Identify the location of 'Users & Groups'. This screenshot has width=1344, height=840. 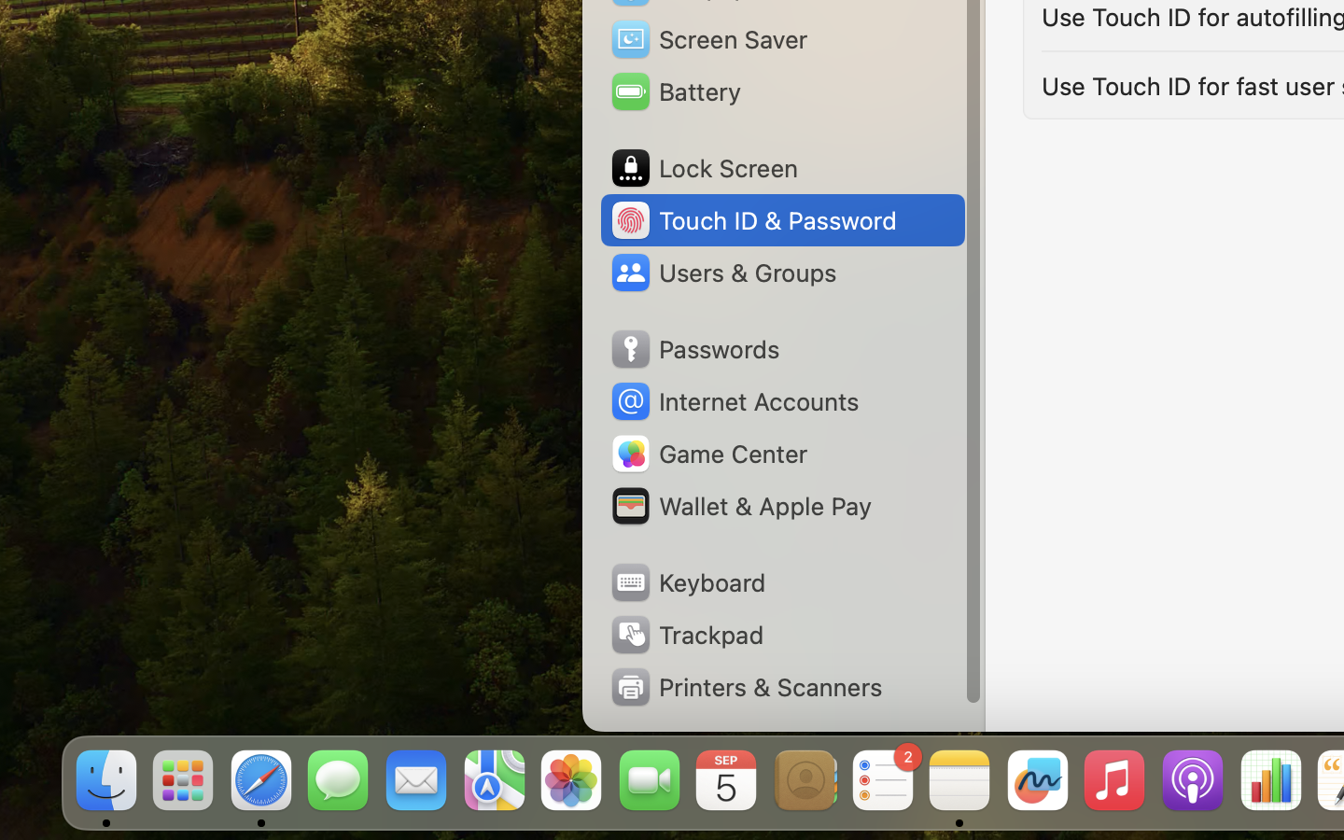
(721, 271).